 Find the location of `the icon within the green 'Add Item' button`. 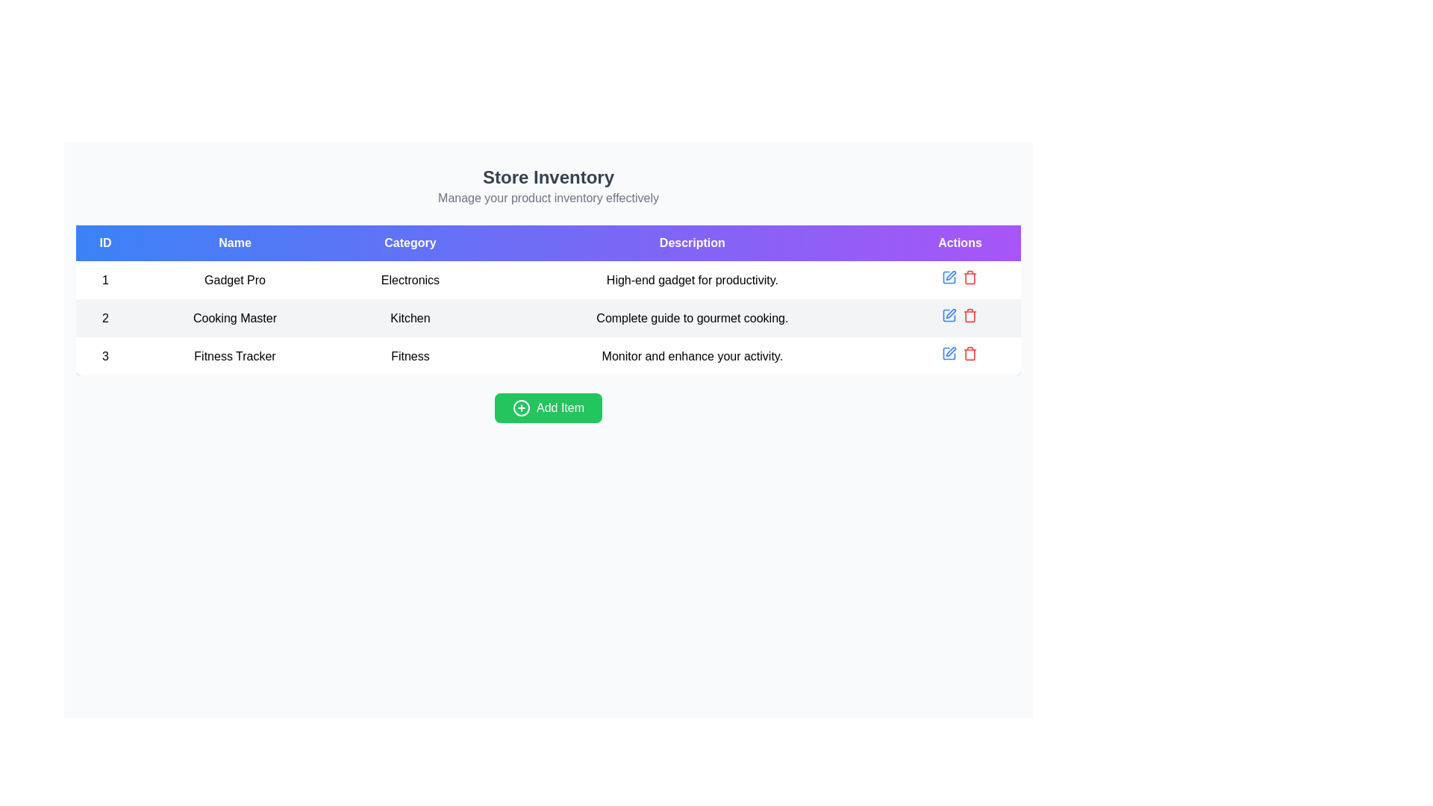

the icon within the green 'Add Item' button is located at coordinates (522, 408).